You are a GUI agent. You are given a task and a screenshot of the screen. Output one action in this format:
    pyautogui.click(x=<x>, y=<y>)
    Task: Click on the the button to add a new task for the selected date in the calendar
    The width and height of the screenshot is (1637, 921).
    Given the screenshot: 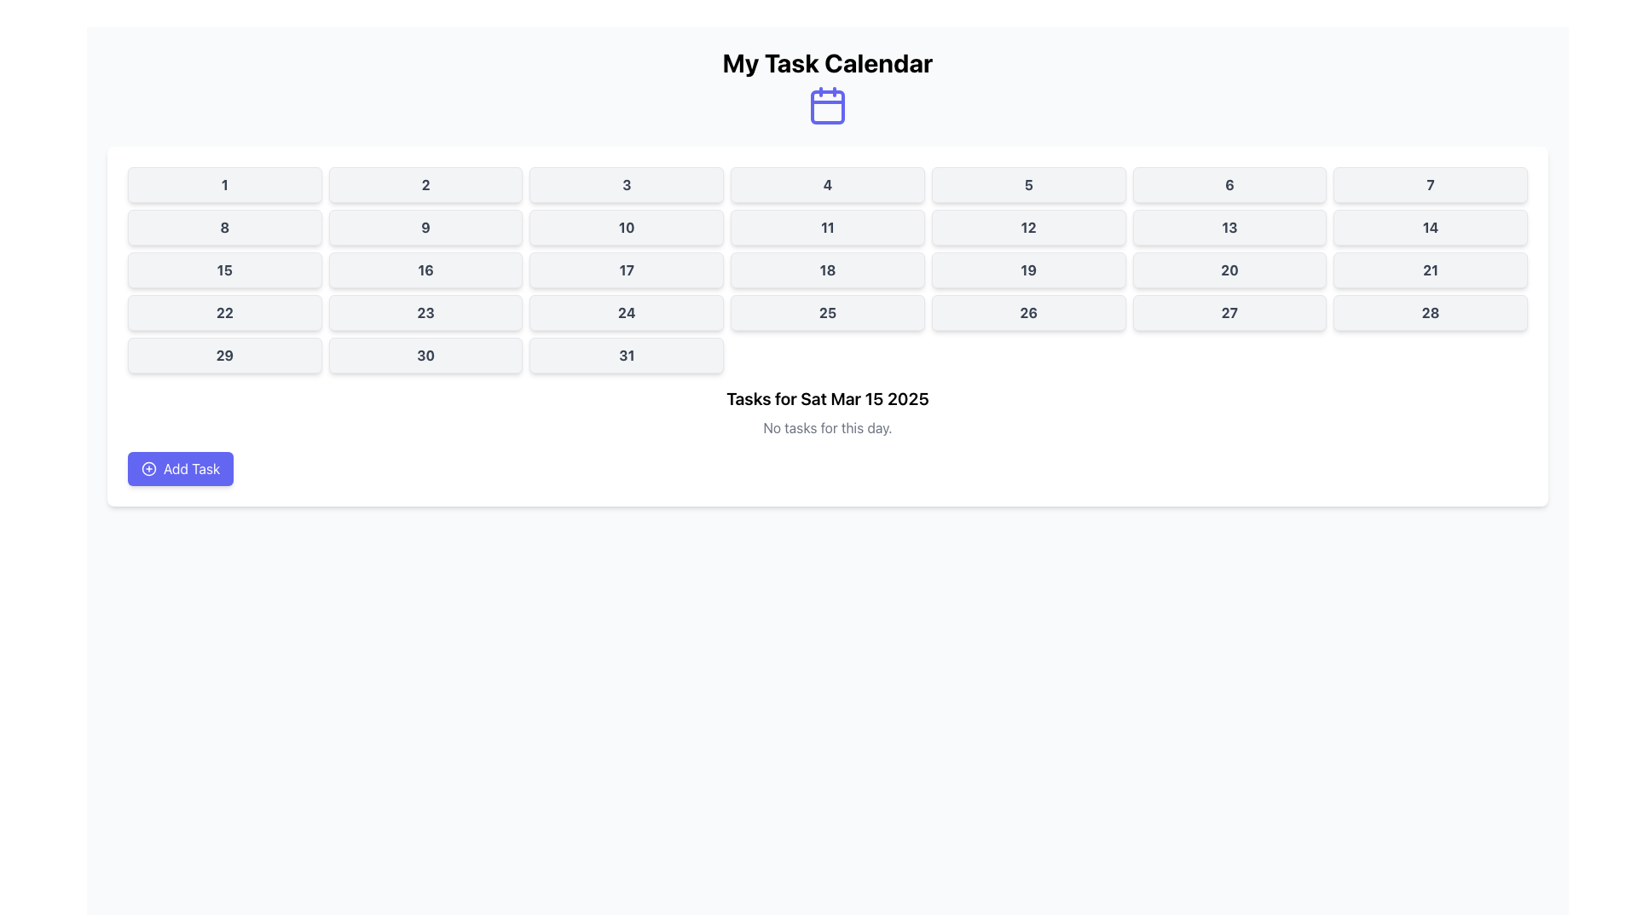 What is the action you would take?
    pyautogui.click(x=181, y=469)
    